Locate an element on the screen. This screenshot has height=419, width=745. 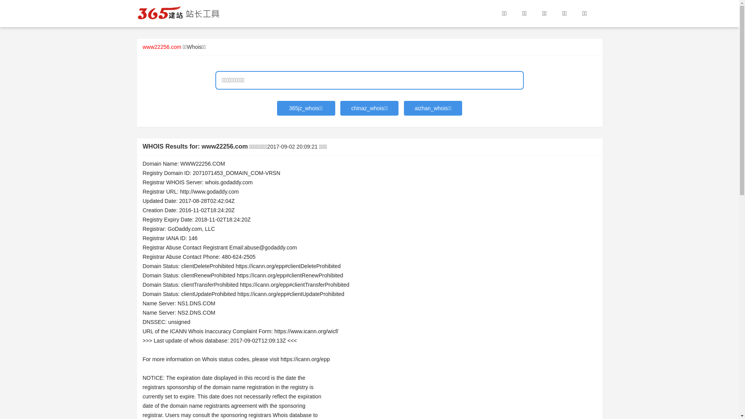
'www22256.com' is located at coordinates (161, 47).